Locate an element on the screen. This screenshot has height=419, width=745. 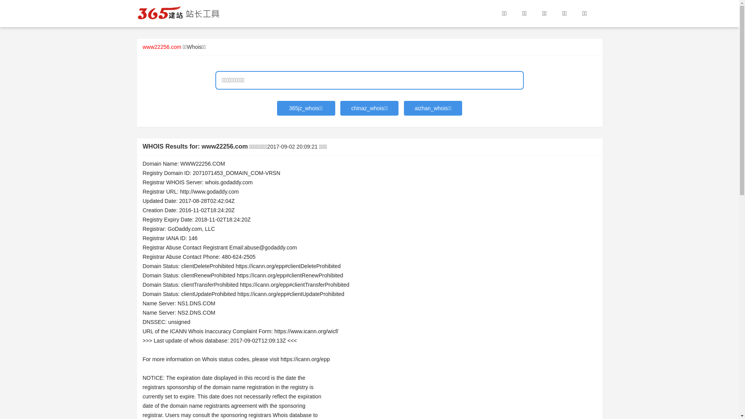
'www22256.com' is located at coordinates (161, 47).